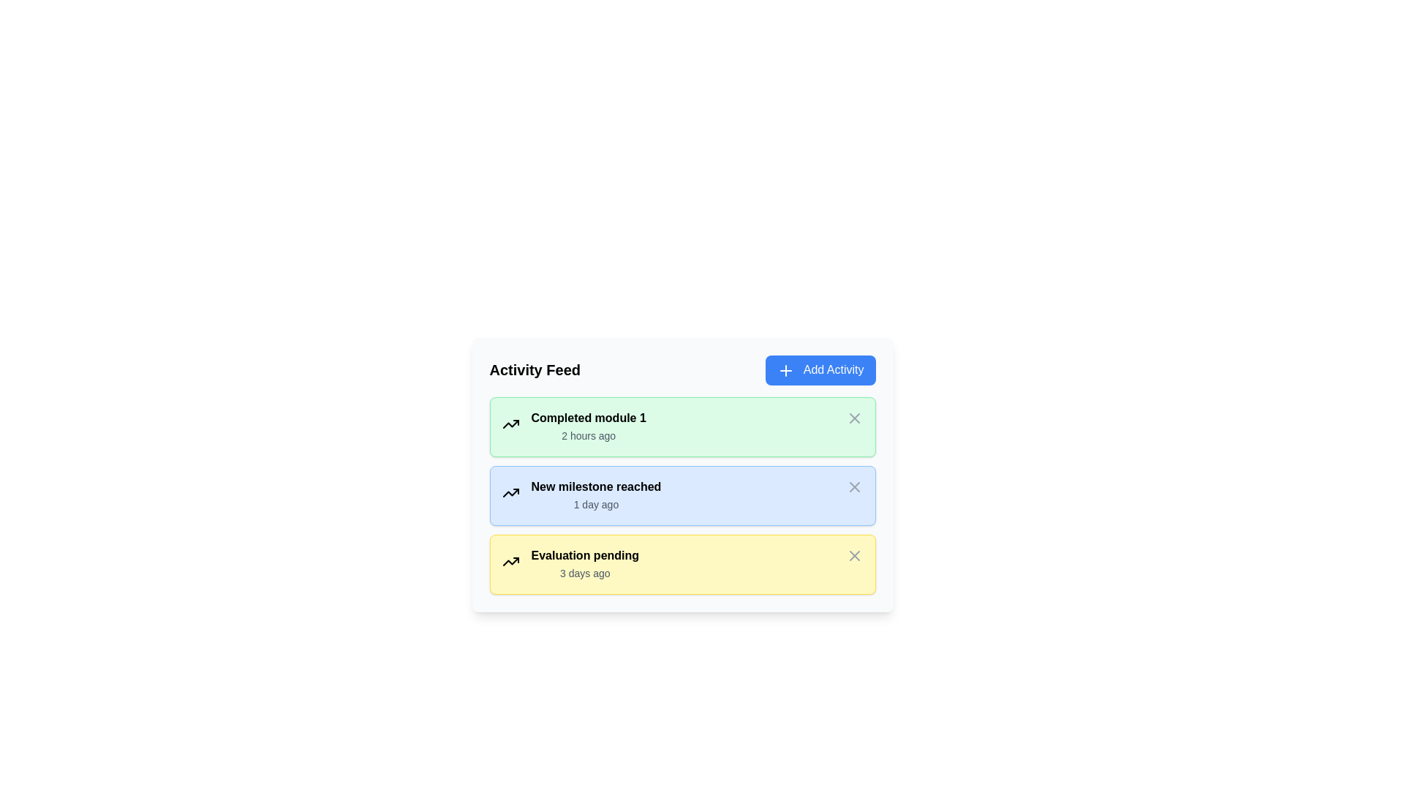  I want to click on the button in the top-right corner of the yellow activity card labeled 'Evaluation pending 3 days ago', so click(854, 555).